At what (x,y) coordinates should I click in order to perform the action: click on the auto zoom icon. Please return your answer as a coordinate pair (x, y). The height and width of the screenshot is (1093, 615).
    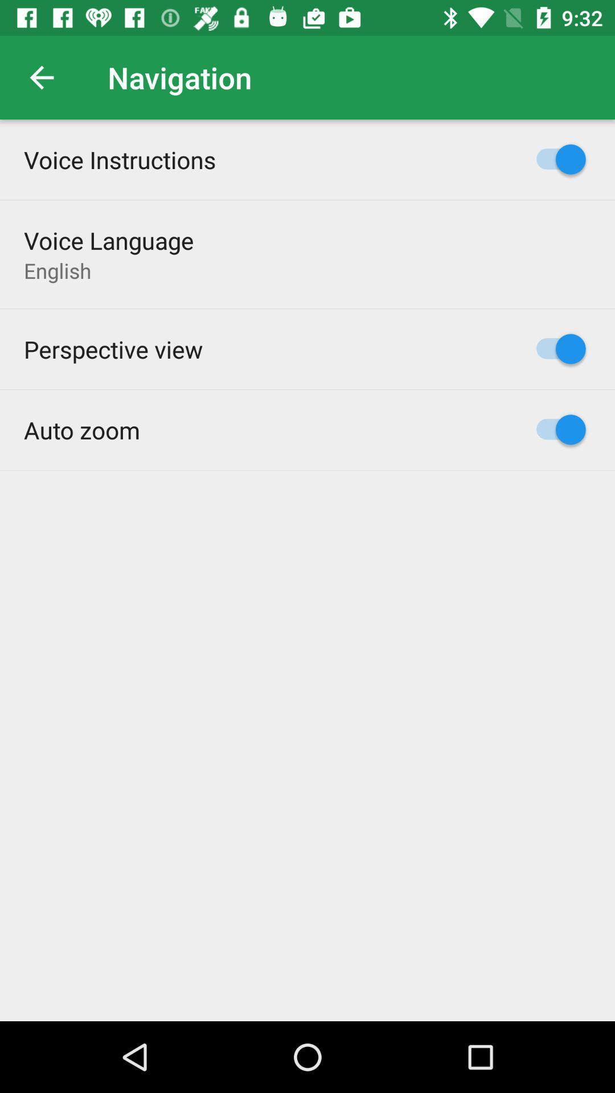
    Looking at the image, I should click on (81, 429).